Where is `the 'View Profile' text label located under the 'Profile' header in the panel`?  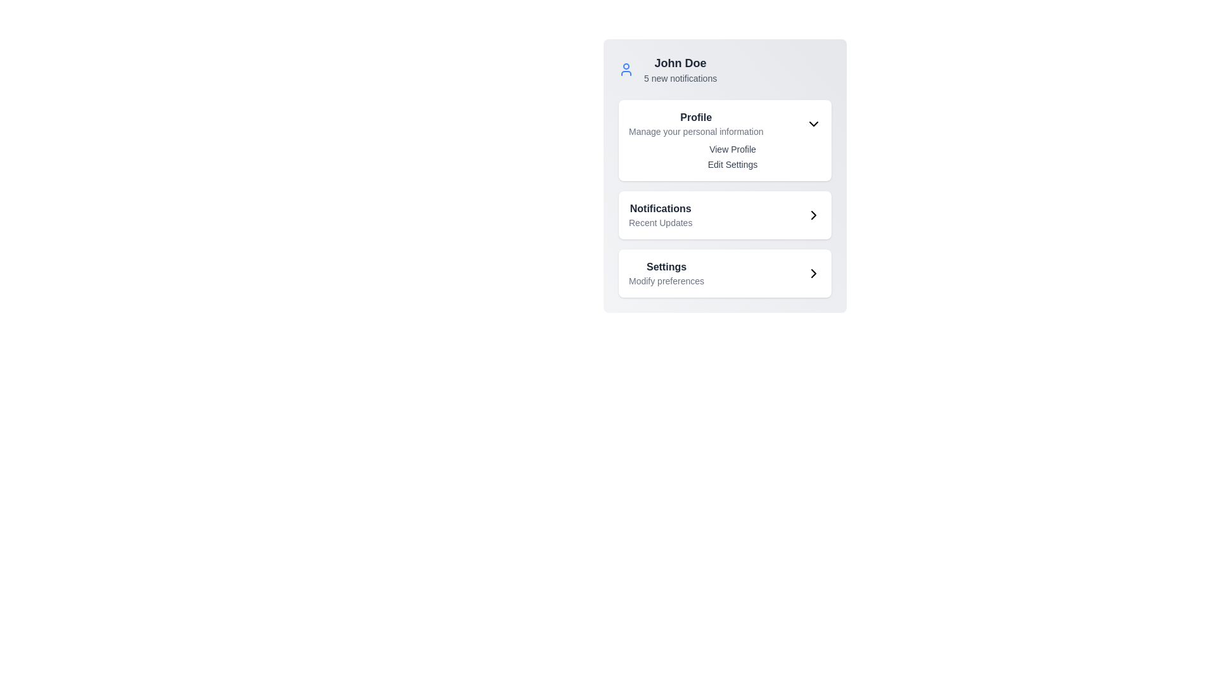 the 'View Profile' text label located under the 'Profile' header in the panel is located at coordinates (732, 148).